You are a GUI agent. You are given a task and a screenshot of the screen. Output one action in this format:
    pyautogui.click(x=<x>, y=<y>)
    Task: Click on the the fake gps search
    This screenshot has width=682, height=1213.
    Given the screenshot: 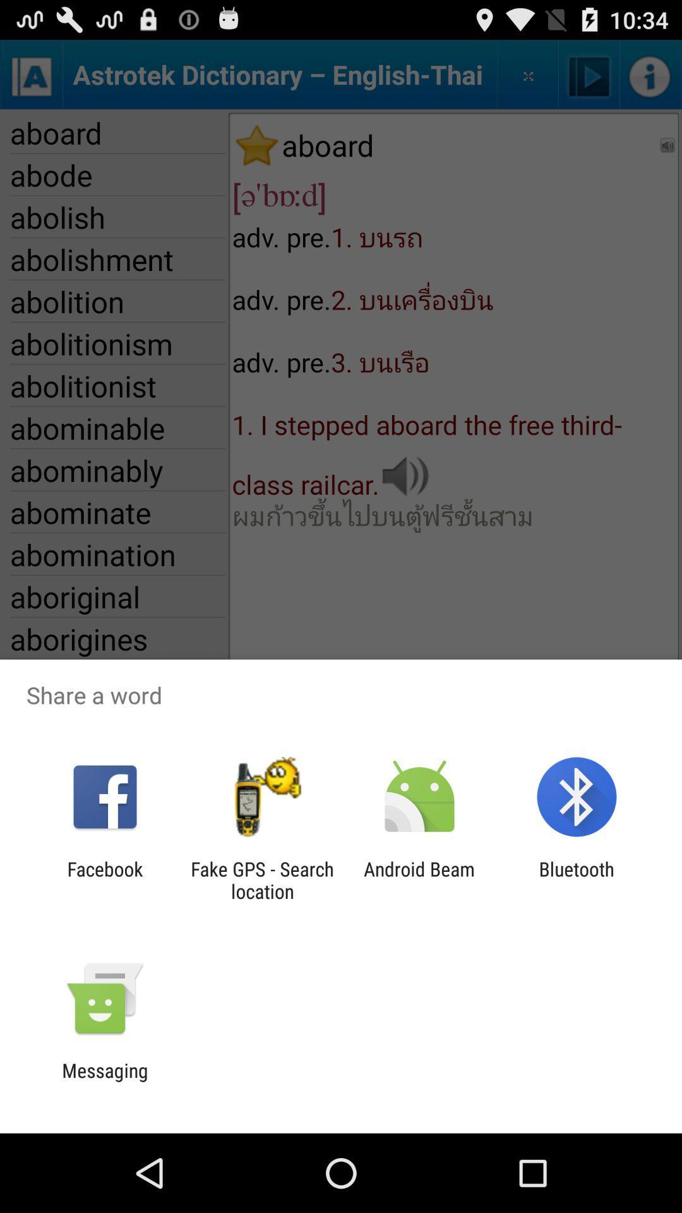 What is the action you would take?
    pyautogui.click(x=261, y=879)
    